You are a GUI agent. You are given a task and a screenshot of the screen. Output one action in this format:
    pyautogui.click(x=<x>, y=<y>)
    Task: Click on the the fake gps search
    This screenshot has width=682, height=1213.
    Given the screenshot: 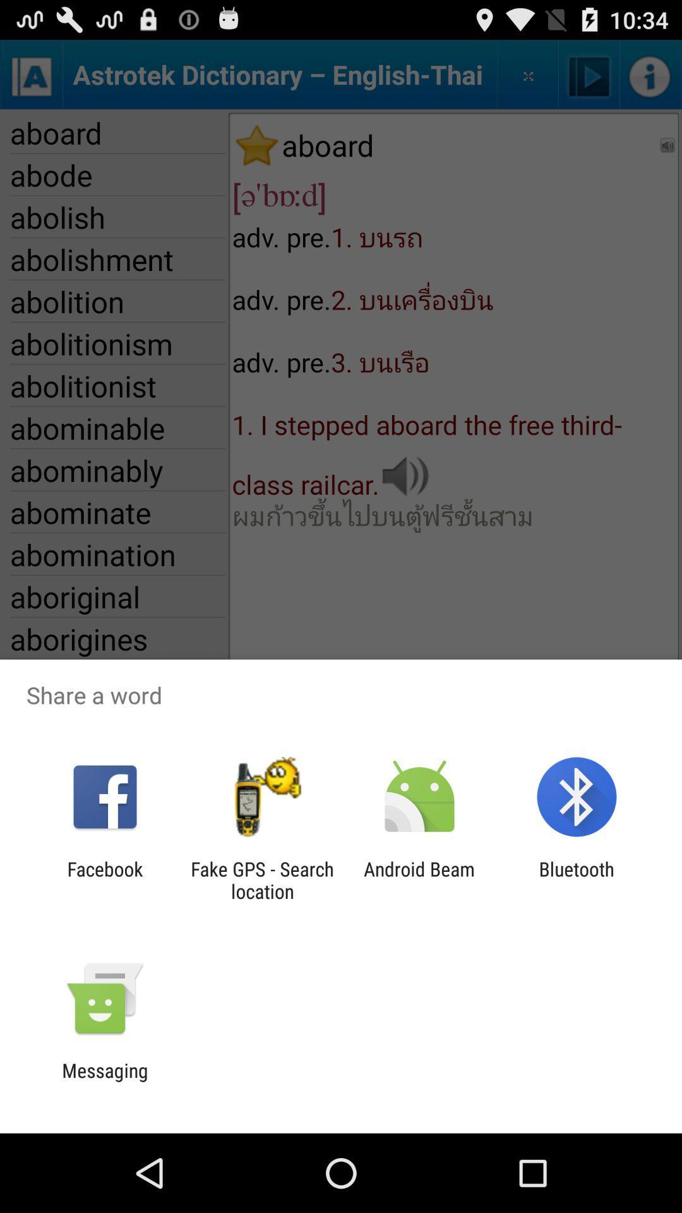 What is the action you would take?
    pyautogui.click(x=261, y=879)
    